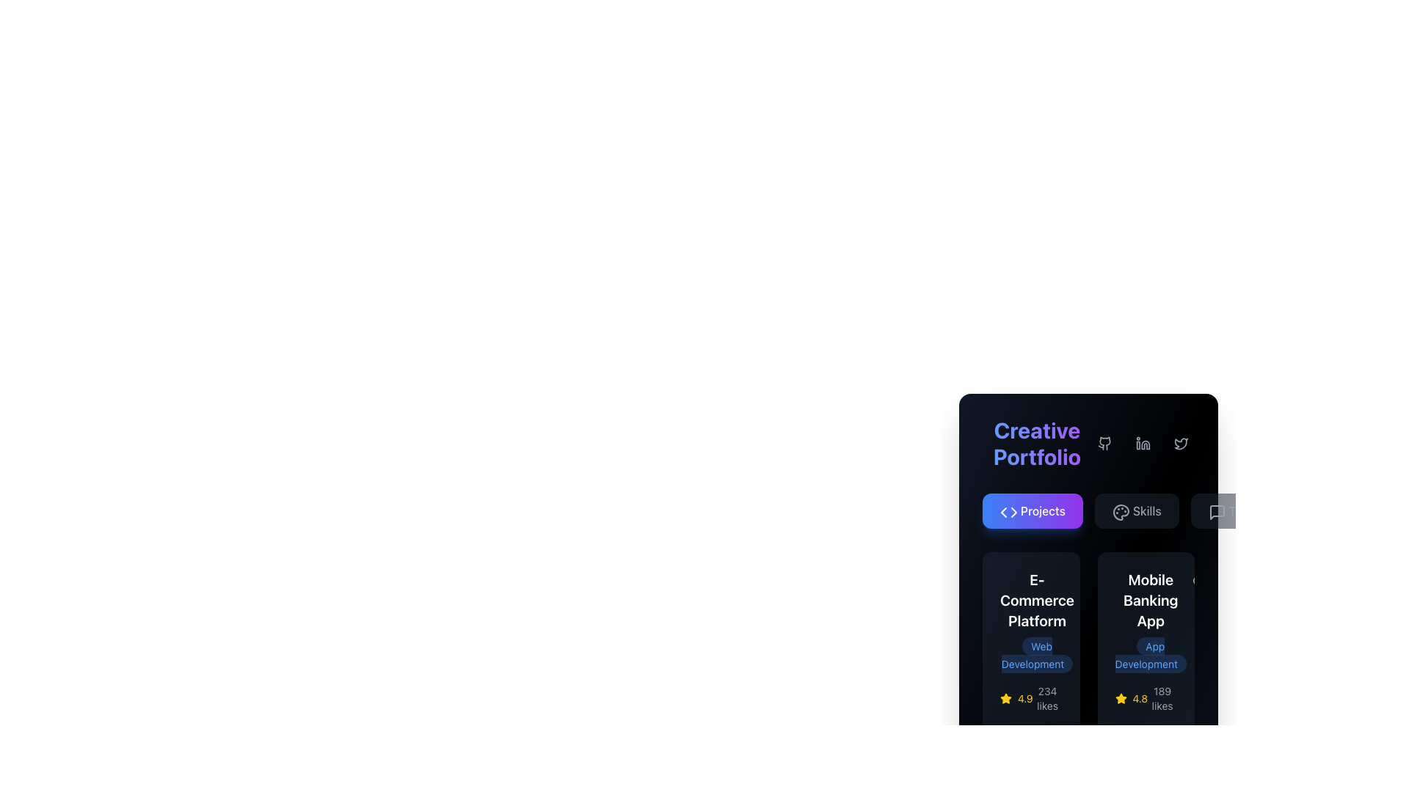 The width and height of the screenshot is (1409, 792). What do you see at coordinates (1087, 582) in the screenshot?
I see `the 'like' button located in the upper-right corner of the card titled 'E-Commerce Platform' to change its color` at bounding box center [1087, 582].